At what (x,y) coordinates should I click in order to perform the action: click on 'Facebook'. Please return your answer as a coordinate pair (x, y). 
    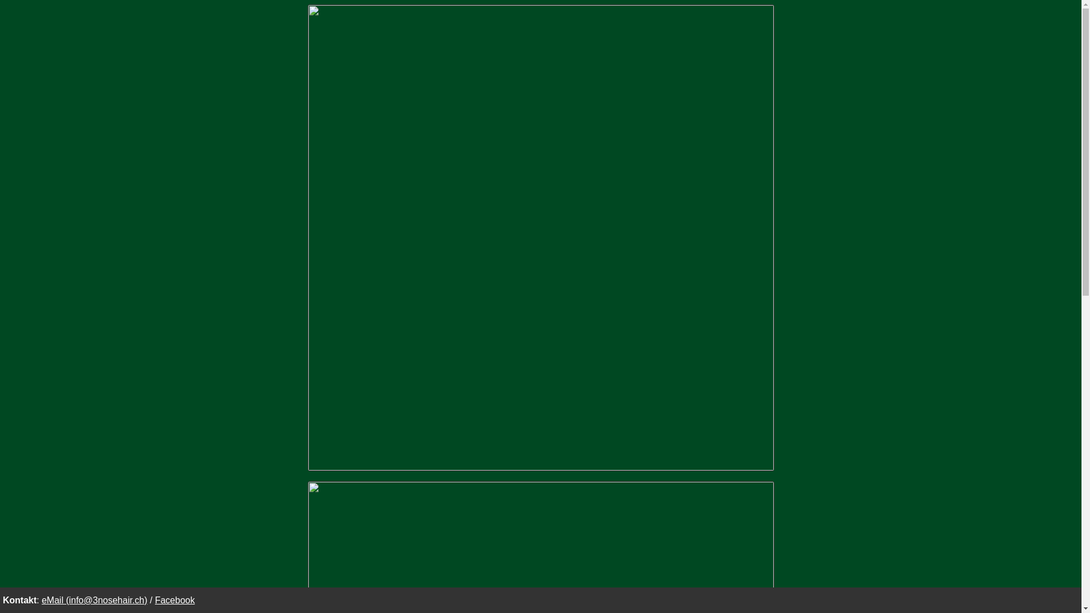
    Looking at the image, I should click on (174, 599).